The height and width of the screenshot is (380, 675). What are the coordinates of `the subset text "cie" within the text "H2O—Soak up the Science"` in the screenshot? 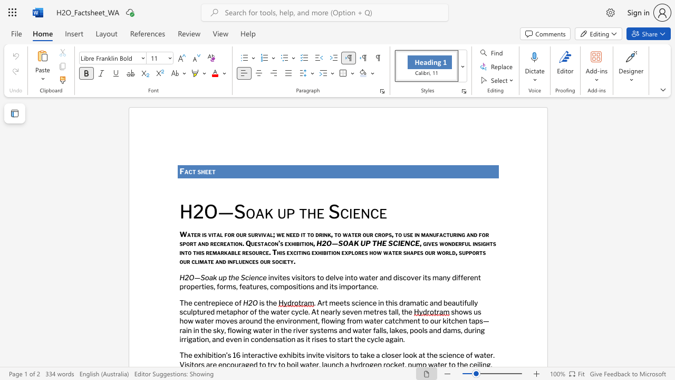 It's located at (245, 277).